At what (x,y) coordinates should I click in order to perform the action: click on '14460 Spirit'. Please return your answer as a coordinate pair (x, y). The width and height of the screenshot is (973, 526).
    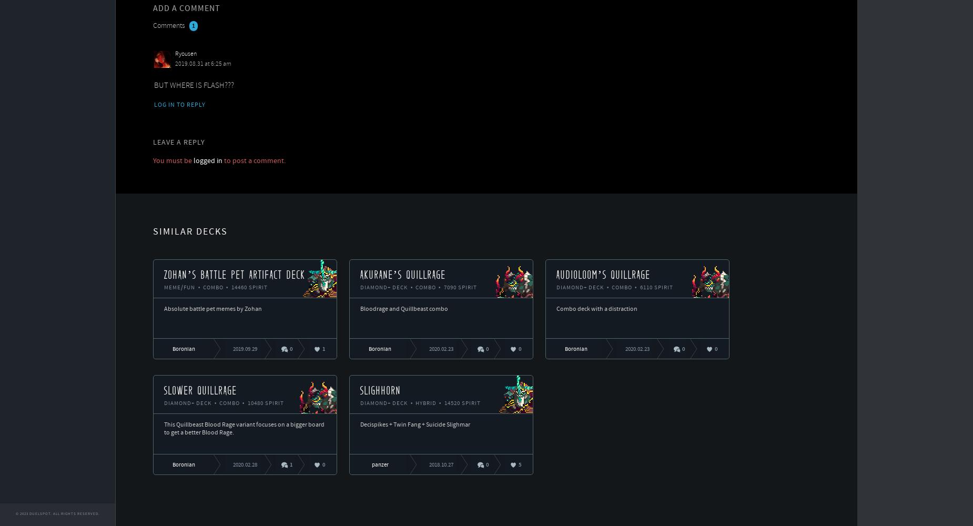
    Looking at the image, I should click on (248, 288).